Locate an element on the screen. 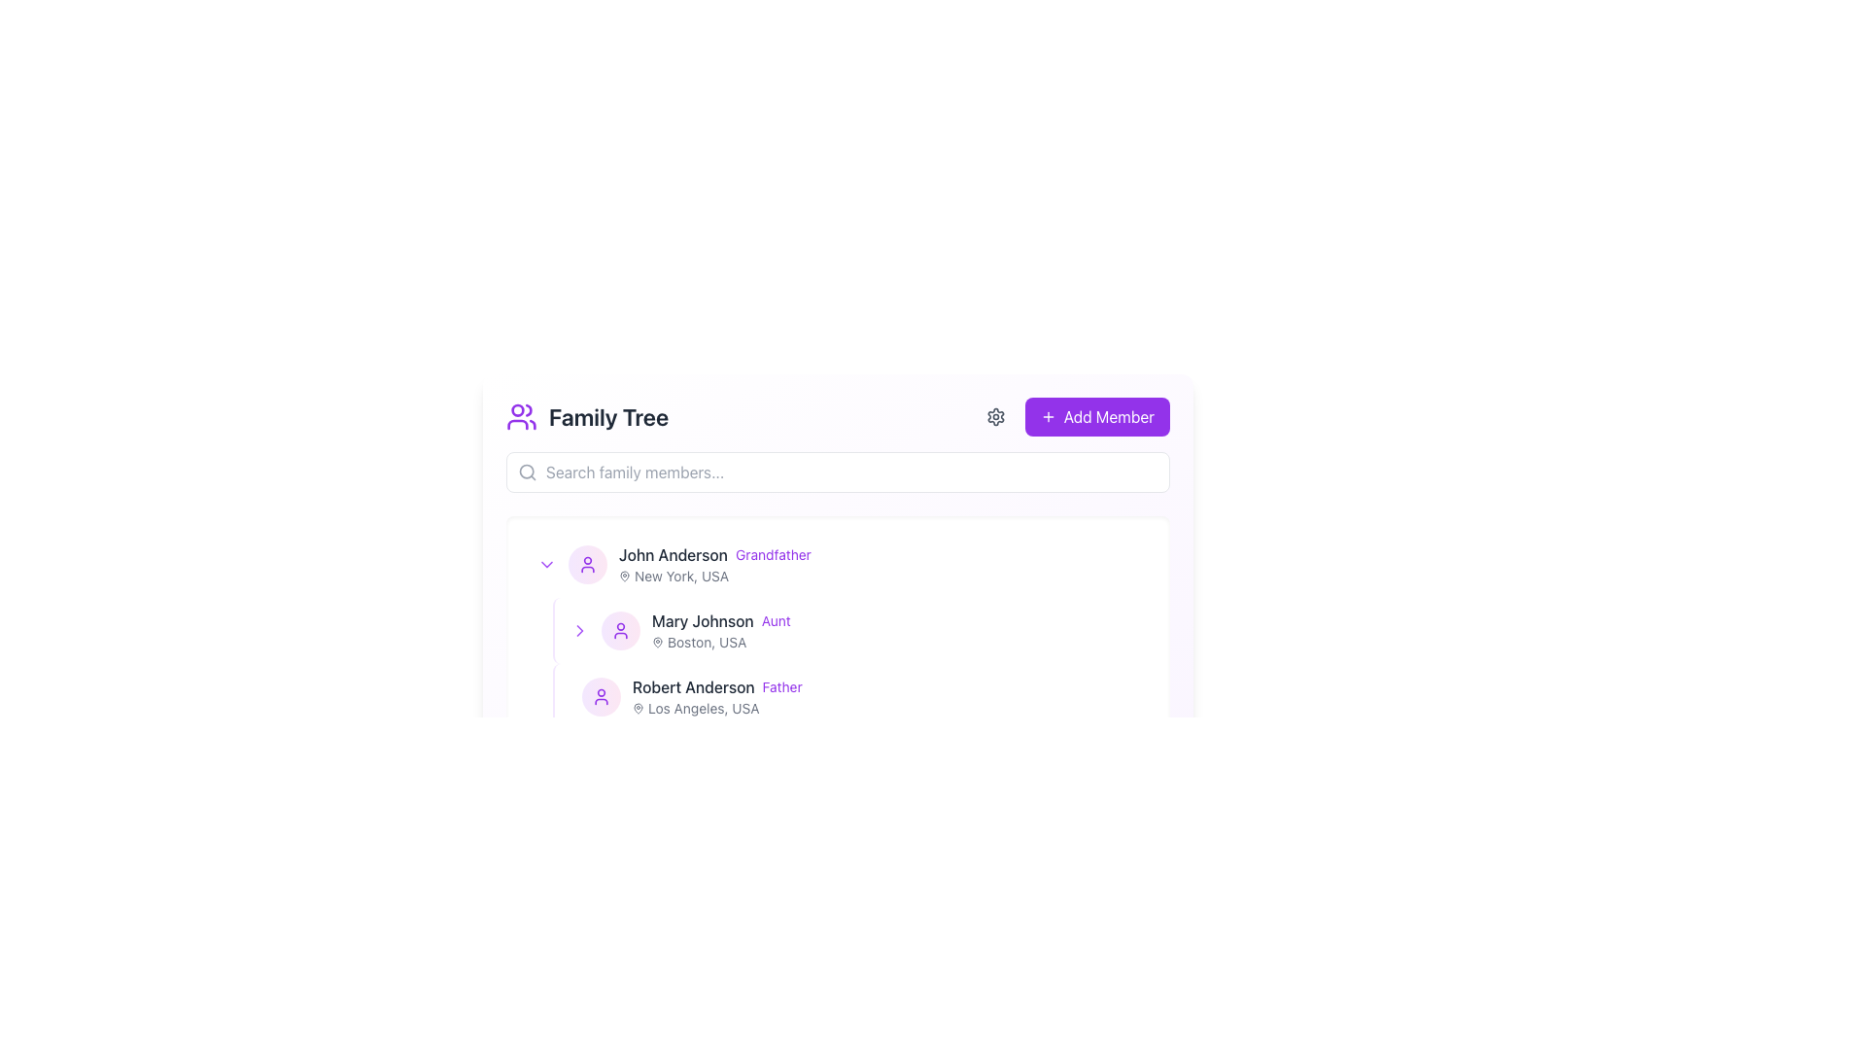  the text label displaying 'Aunt' in a purple font, which is part of the family relationship context following 'Mary Johnson' is located at coordinates (775, 621).